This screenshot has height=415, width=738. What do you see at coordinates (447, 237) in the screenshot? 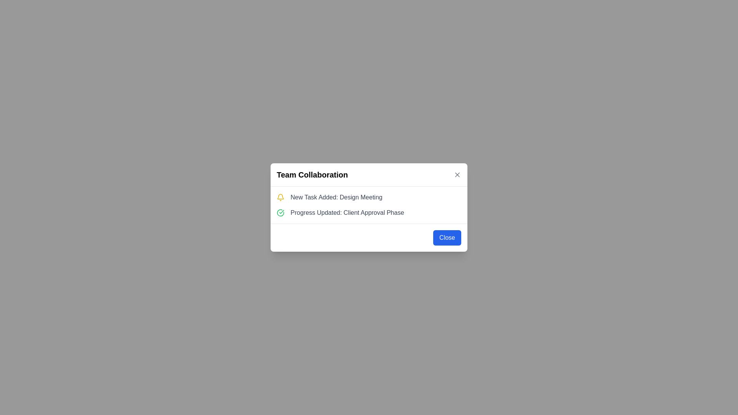
I see `the close button located at the bottom-right of the 'Team Collaboration' dialog box` at bounding box center [447, 237].